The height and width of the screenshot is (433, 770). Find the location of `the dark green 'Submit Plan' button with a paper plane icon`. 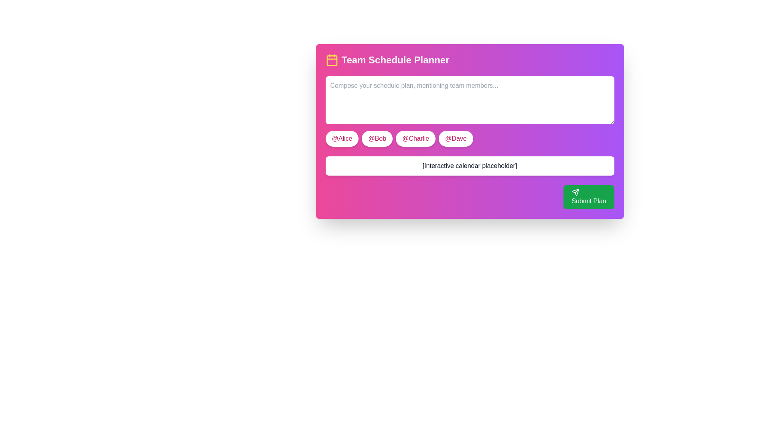

the dark green 'Submit Plan' button with a paper plane icon is located at coordinates (589, 197).